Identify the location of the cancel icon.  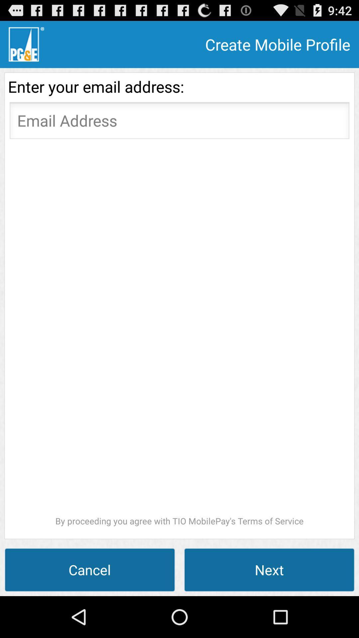
(90, 569).